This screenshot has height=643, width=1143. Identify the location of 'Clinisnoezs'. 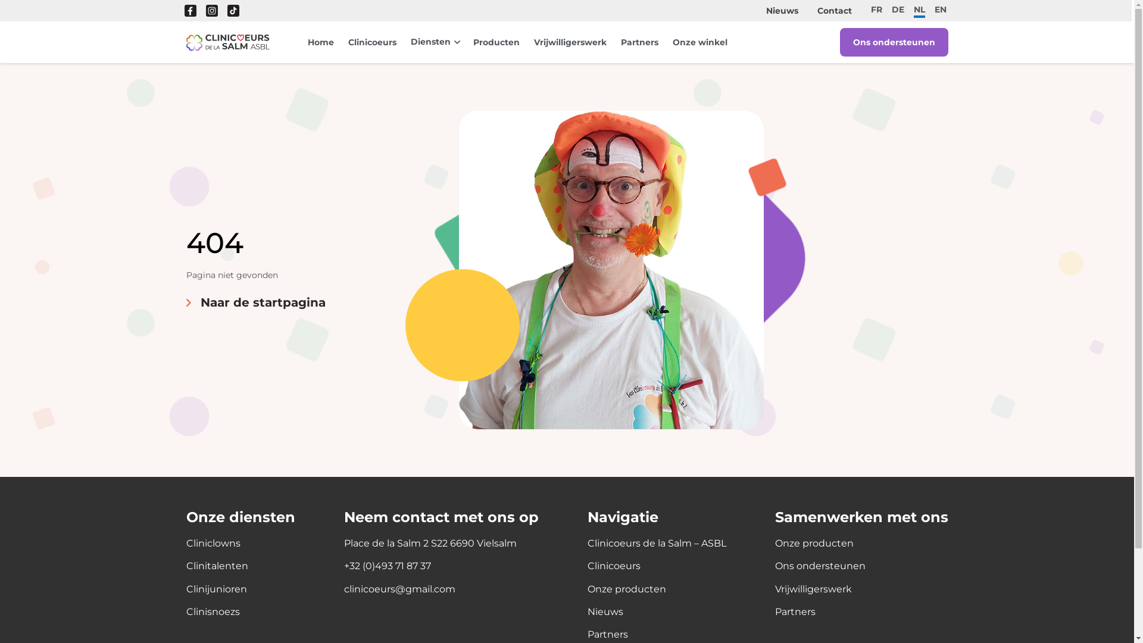
(212, 612).